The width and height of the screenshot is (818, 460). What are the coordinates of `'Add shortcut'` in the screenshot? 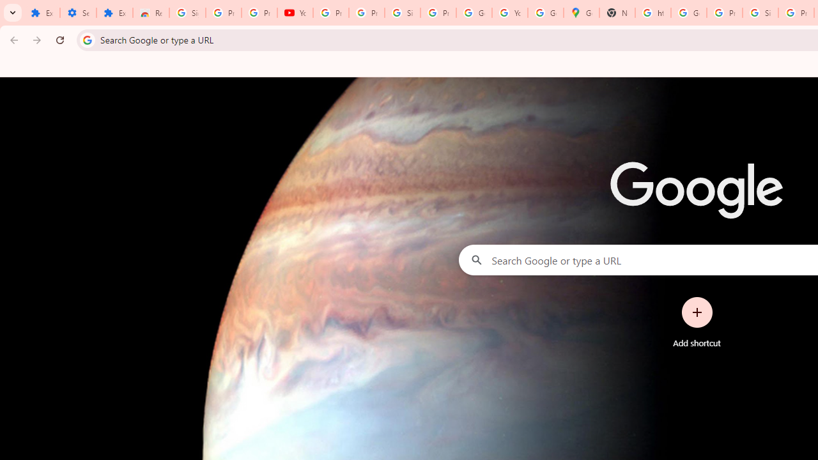 It's located at (696, 322).